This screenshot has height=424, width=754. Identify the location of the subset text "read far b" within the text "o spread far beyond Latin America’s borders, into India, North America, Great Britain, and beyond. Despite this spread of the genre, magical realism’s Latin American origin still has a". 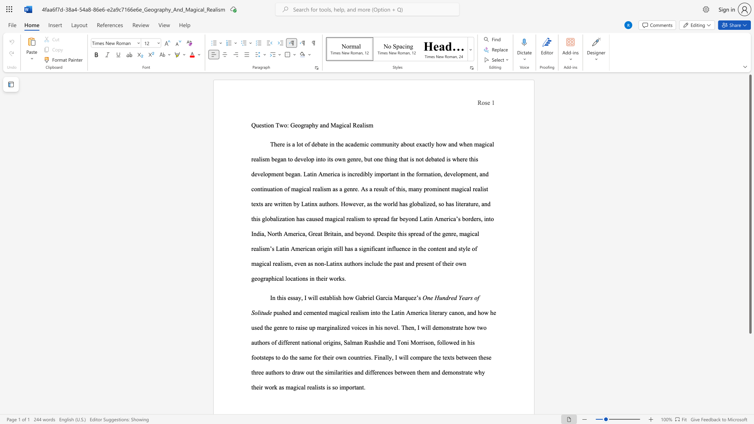
(378, 219).